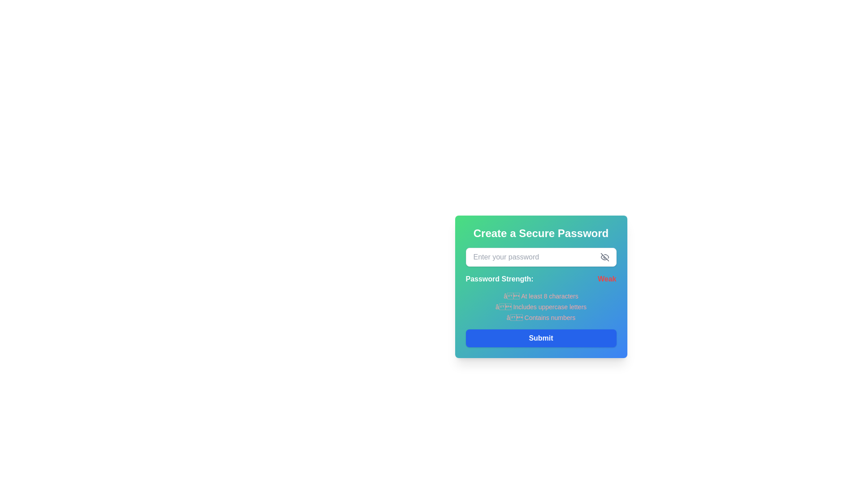 The image size is (861, 484). What do you see at coordinates (540, 307) in the screenshot?
I see `text label indicating whether the password criterion of including uppercase letters is met, which is the second line in the list of password criteria beneath the 'Password Strength' header` at bounding box center [540, 307].